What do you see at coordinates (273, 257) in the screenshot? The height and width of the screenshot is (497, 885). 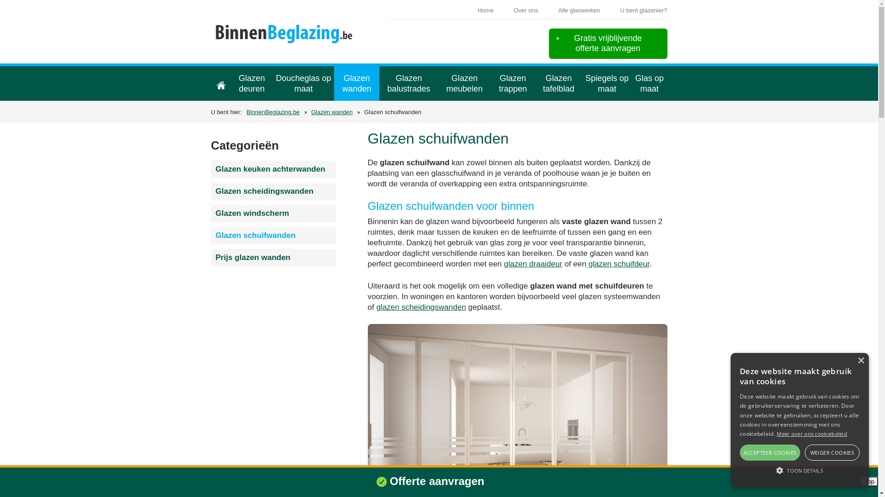 I see `'Prijs glazen wanden'` at bounding box center [273, 257].